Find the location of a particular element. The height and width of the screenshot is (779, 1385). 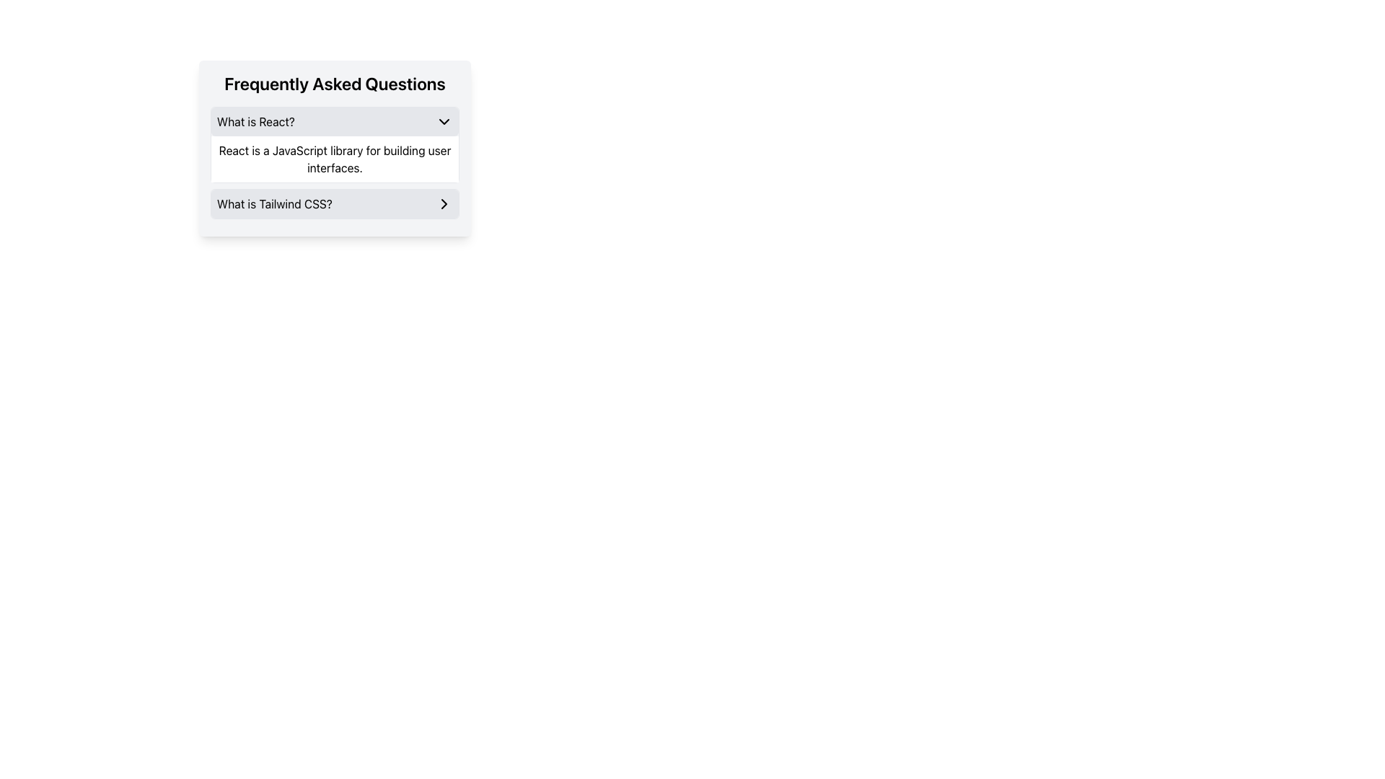

the chevron-shaped arrow icon indicating navigation or expansion, located within the dropdown labeled 'What is Tailwind CSS?' is located at coordinates (443, 203).